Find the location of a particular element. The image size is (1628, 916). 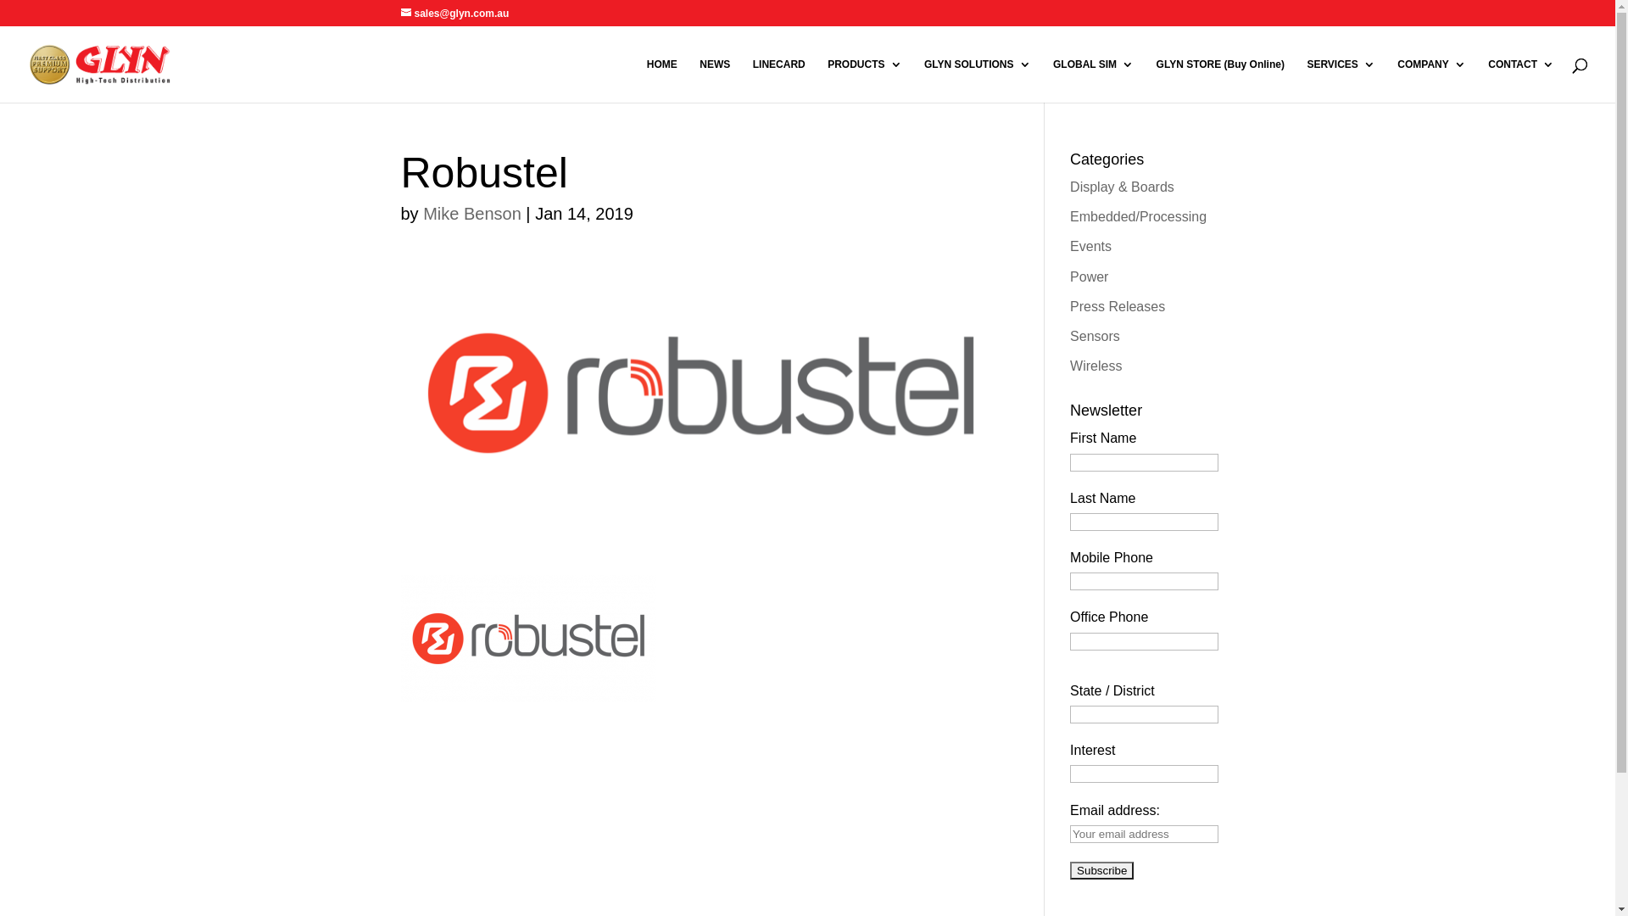

'Display & Boards' is located at coordinates (1122, 187).